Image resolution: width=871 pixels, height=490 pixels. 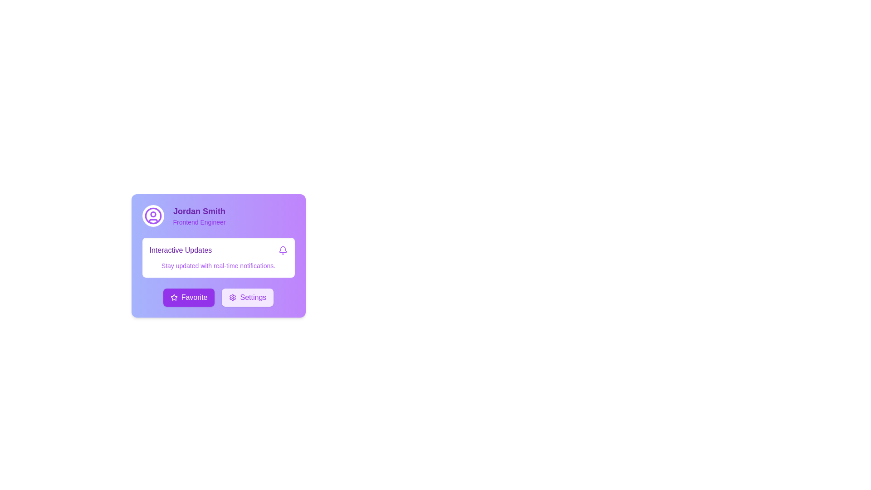 What do you see at coordinates (174, 297) in the screenshot?
I see `the 'Favorite' button which contains a star-shaped icon with a purple outline` at bounding box center [174, 297].